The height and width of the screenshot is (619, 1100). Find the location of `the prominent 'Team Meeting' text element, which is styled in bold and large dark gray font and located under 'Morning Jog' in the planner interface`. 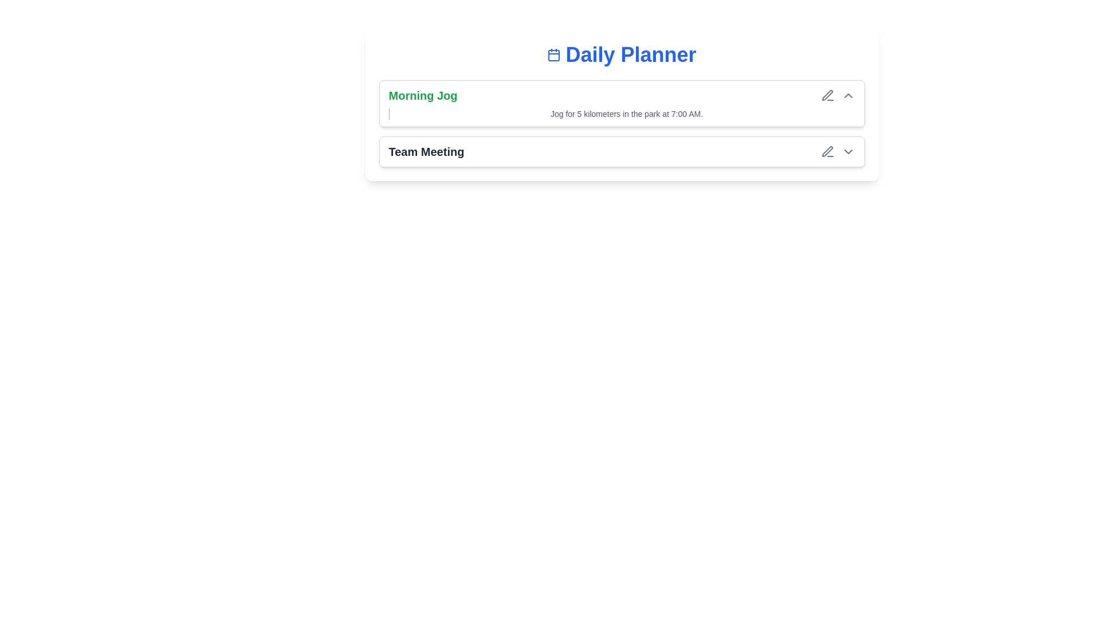

the prominent 'Team Meeting' text element, which is styled in bold and large dark gray font and located under 'Morning Jog' in the planner interface is located at coordinates (426, 151).